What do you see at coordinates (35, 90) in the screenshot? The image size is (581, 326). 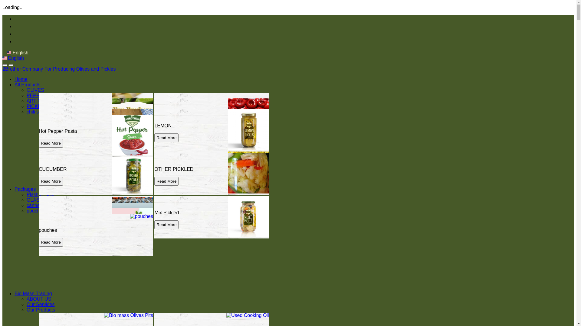 I see `'OLIVES'` at bounding box center [35, 90].